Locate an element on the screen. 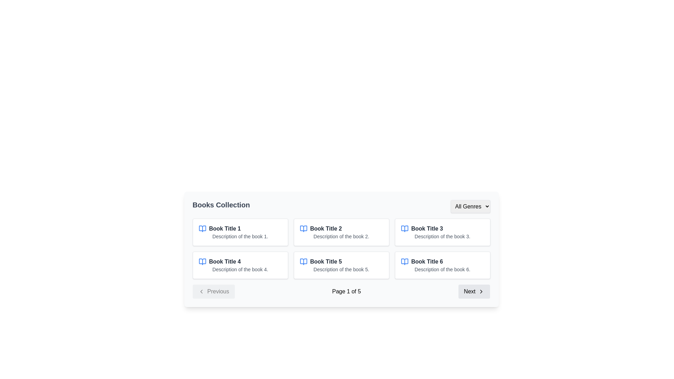 Image resolution: width=674 pixels, height=379 pixels. the 'Next' button with a light gray background and a right-facing chevron icon is located at coordinates (474, 291).